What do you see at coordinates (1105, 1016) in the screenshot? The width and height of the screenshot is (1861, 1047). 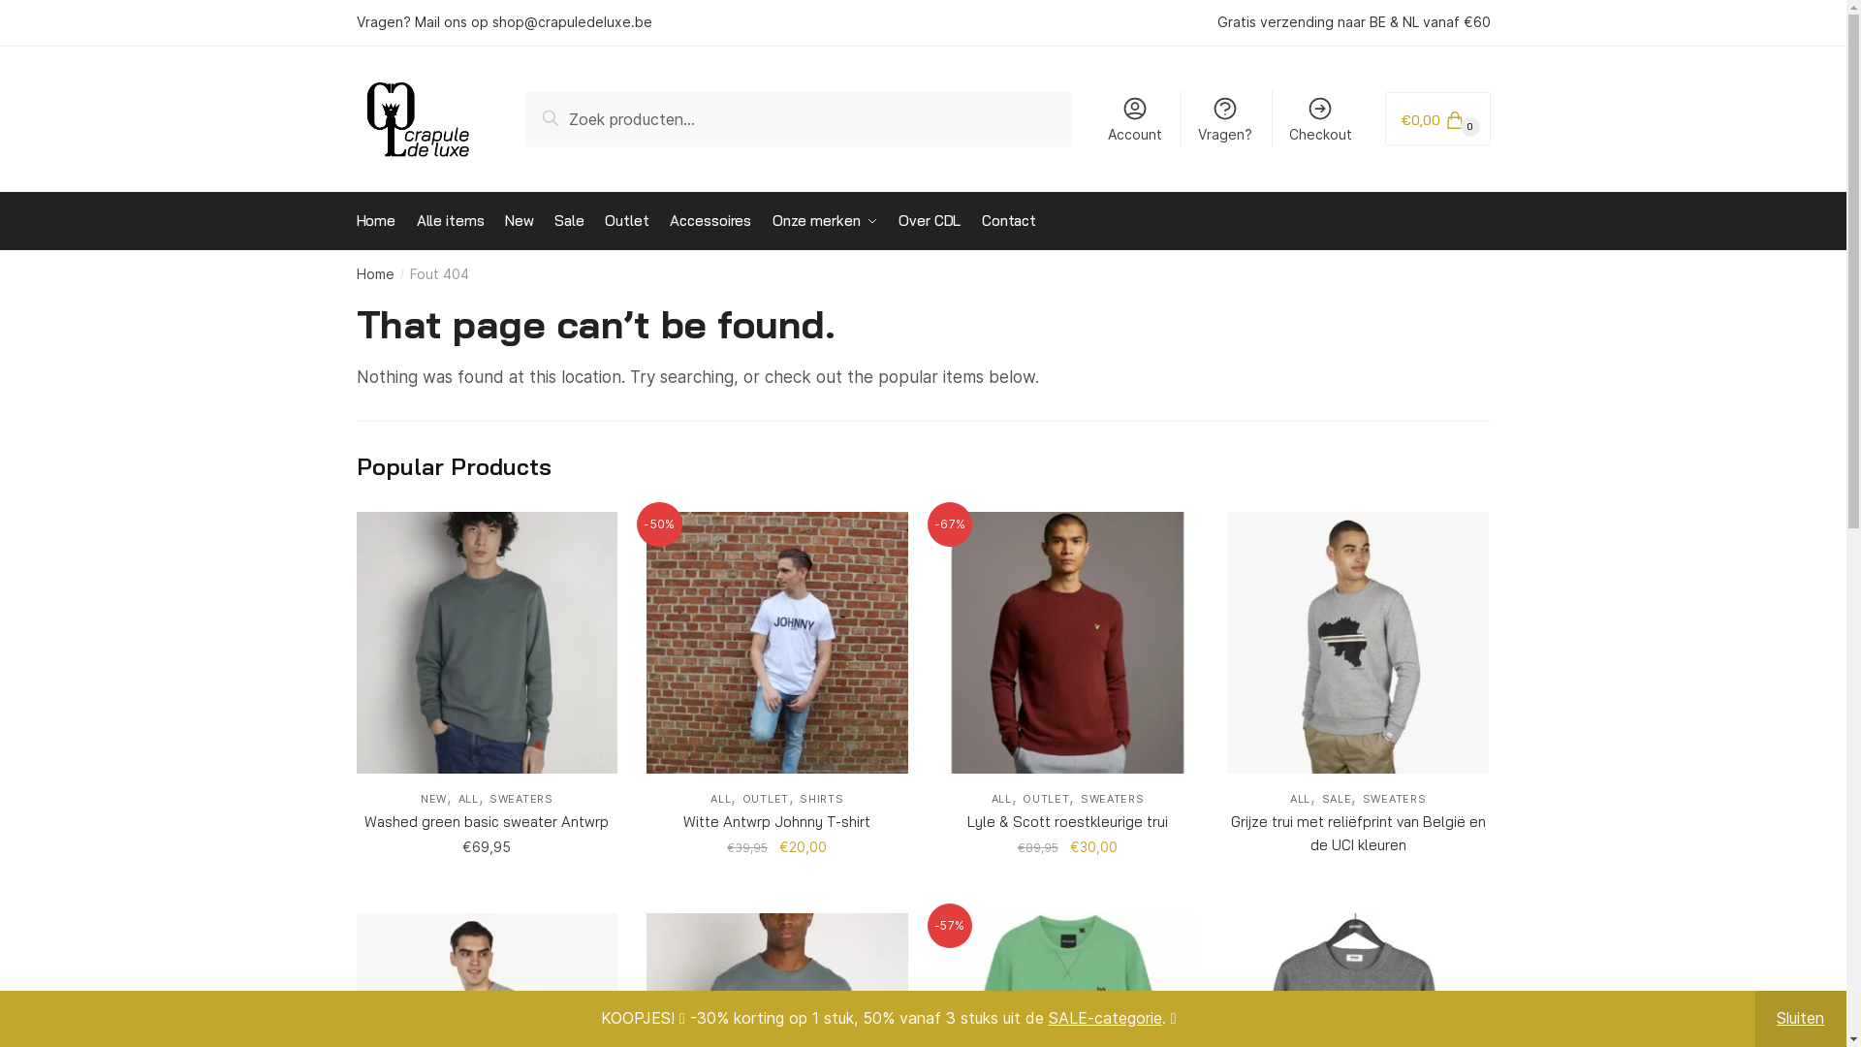 I see `'SALE-categorie'` at bounding box center [1105, 1016].